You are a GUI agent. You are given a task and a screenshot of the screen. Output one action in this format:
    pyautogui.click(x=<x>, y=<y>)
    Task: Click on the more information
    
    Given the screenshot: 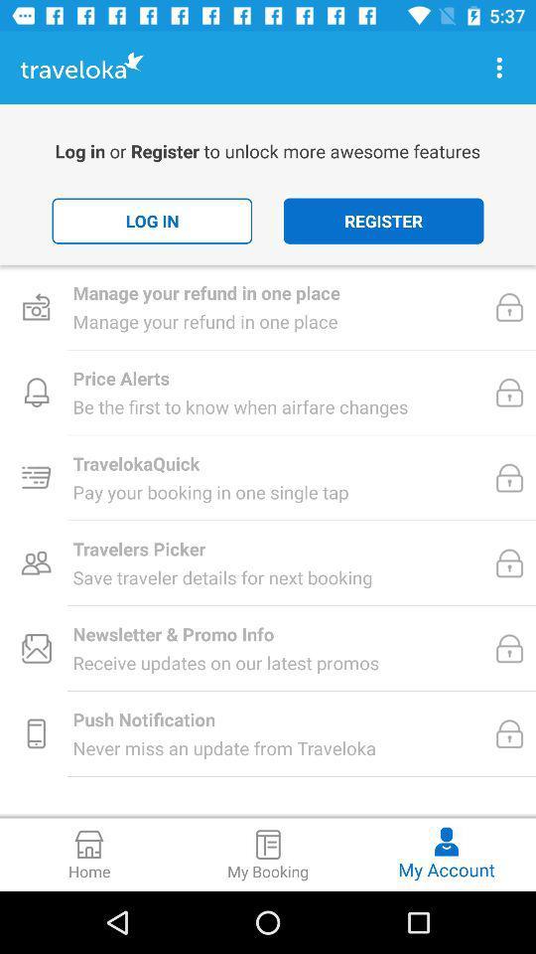 What is the action you would take?
    pyautogui.click(x=498, y=68)
    